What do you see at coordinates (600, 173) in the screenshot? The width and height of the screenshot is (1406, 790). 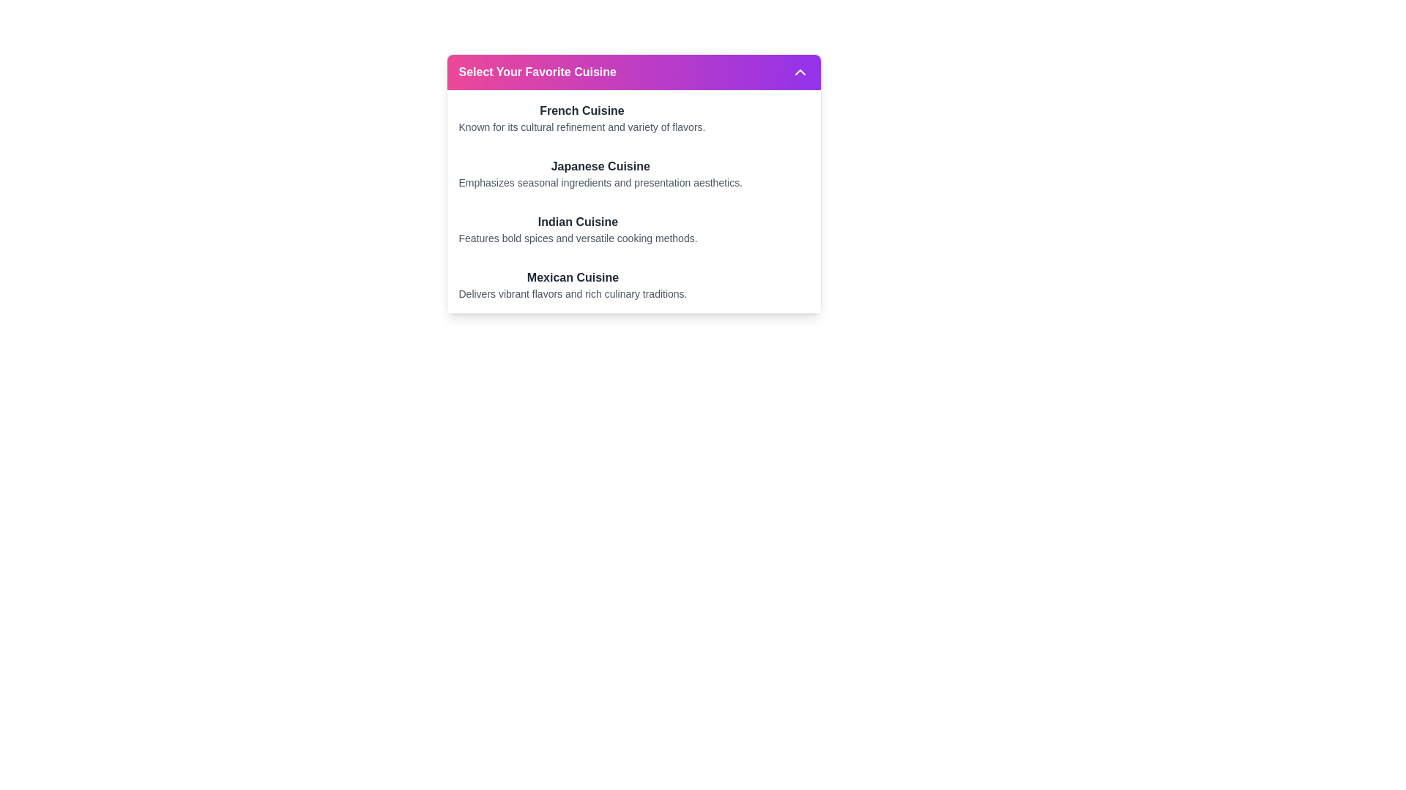 I see `informational text block about Japanese Cuisine, which is the second item in the selection menu below 'Select Your Favorite Cuisine.'` at bounding box center [600, 173].